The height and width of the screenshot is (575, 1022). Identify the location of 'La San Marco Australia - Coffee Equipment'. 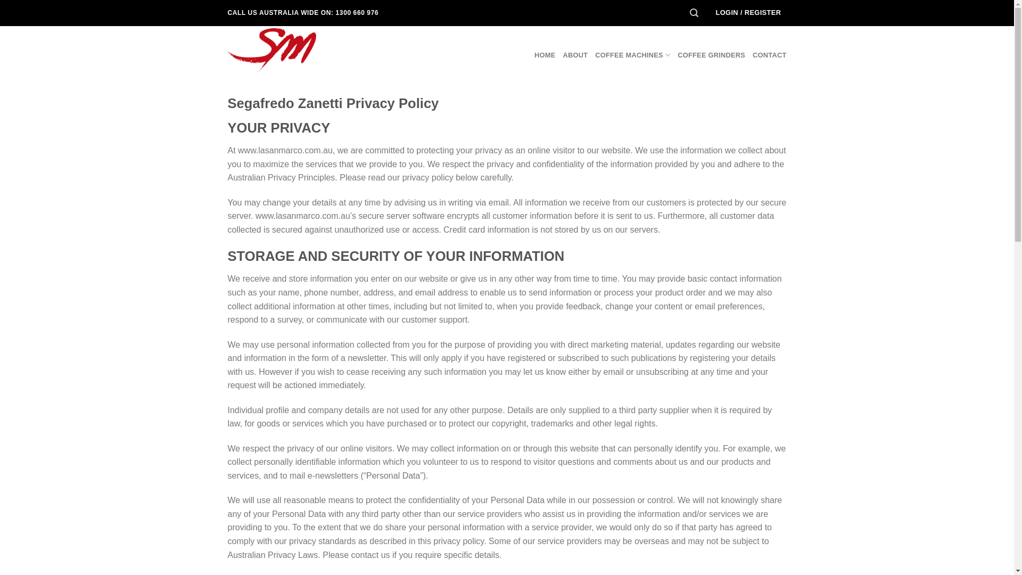
(281, 50).